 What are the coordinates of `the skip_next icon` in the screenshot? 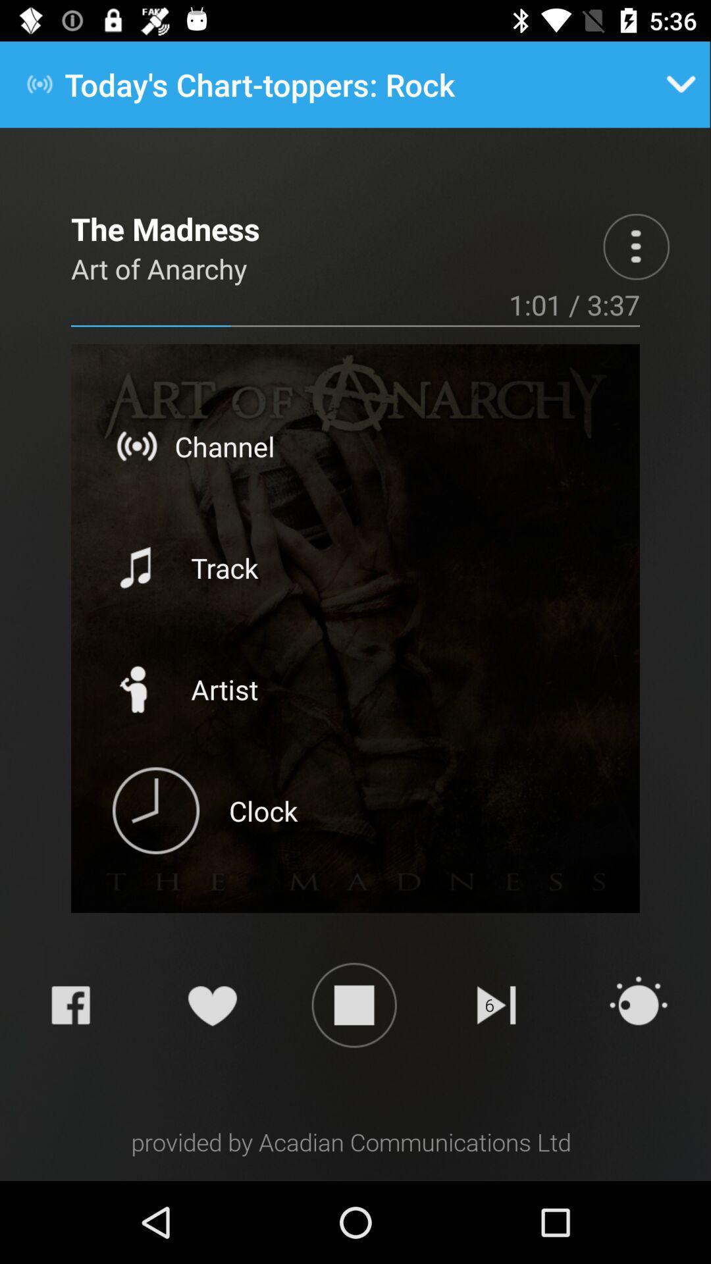 It's located at (496, 1004).